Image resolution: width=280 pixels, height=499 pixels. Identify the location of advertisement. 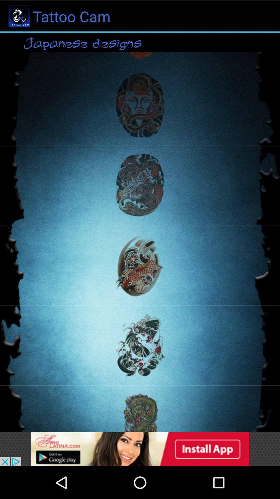
(140, 449).